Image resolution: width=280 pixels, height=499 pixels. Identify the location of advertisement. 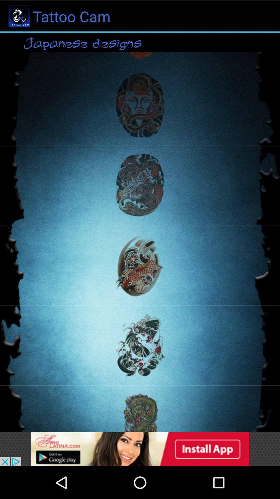
(140, 449).